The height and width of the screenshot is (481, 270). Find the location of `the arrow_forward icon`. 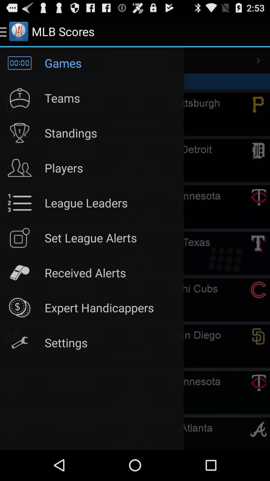

the arrow_forward icon is located at coordinates (258, 64).